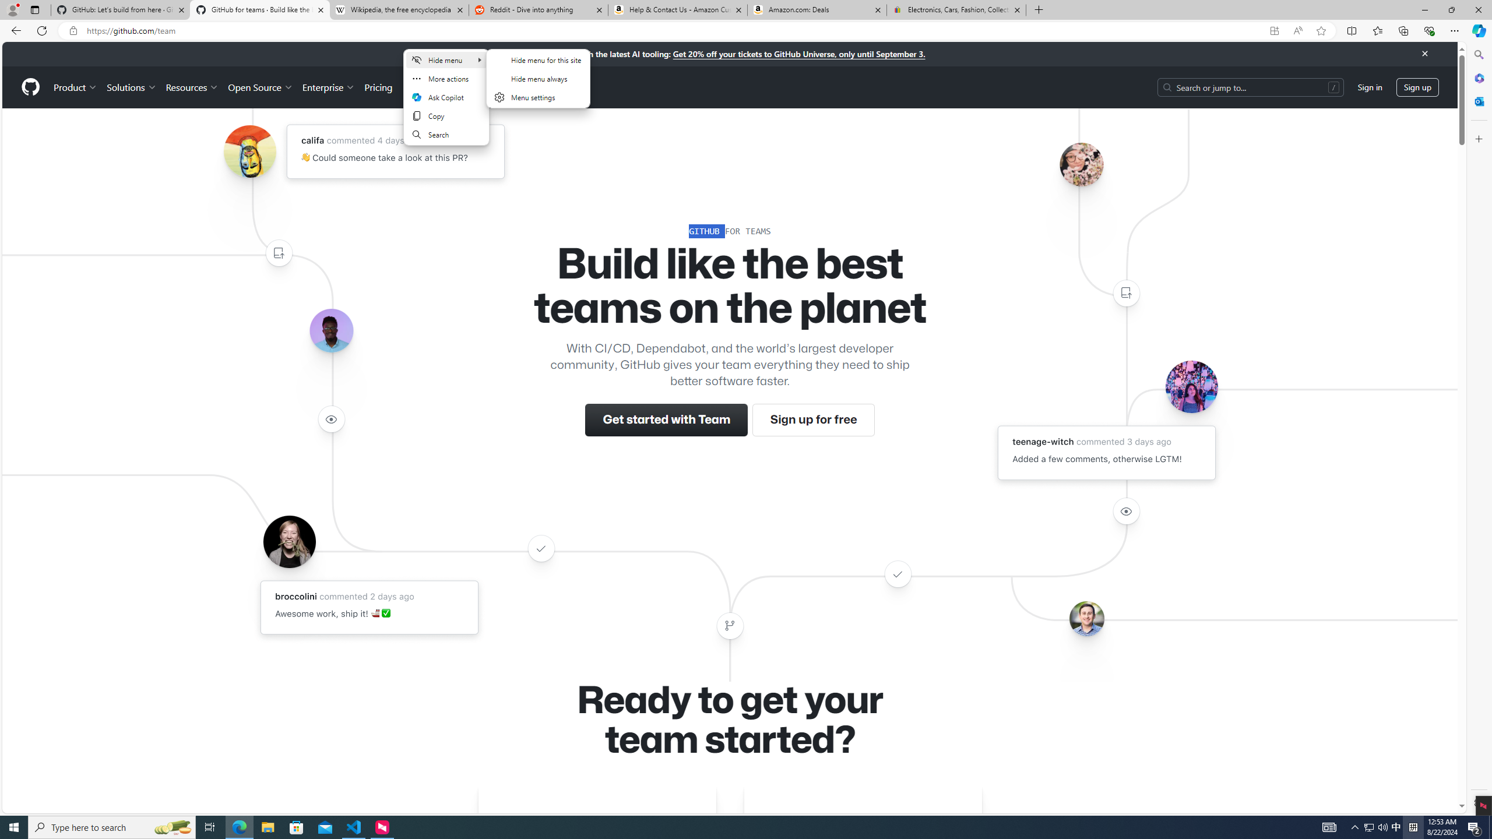  What do you see at coordinates (667, 419) in the screenshot?
I see `'Get started with Team'` at bounding box center [667, 419].